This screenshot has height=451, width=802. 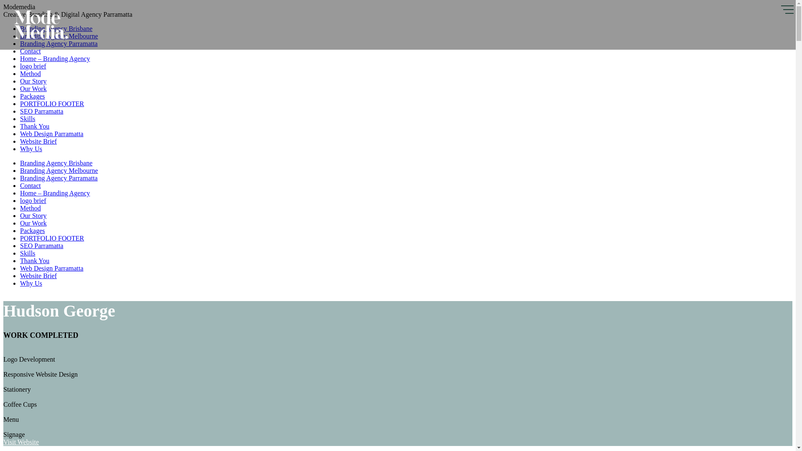 I want to click on 'Branding Agency Brisbane', so click(x=56, y=163).